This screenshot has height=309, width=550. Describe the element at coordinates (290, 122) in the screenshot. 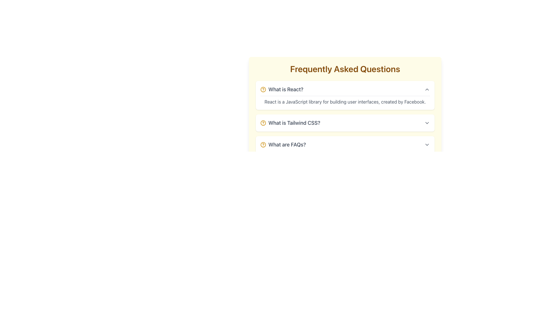

I see `the FAQ question text element that provides more information, located between 'What is React?' and 'What are FAQs?'` at that location.